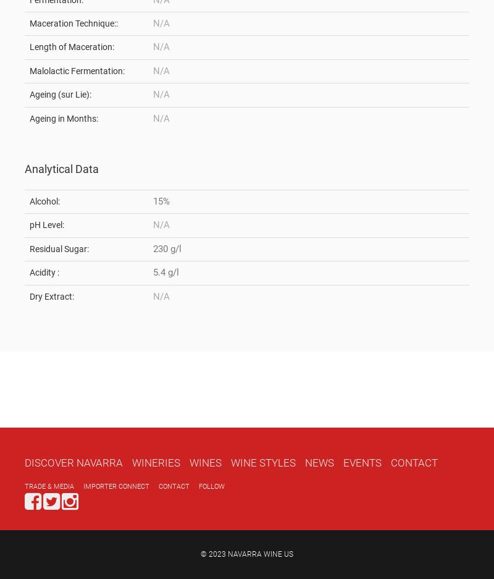 This screenshot has width=494, height=579. What do you see at coordinates (29, 46) in the screenshot?
I see `'Length of Maceration:'` at bounding box center [29, 46].